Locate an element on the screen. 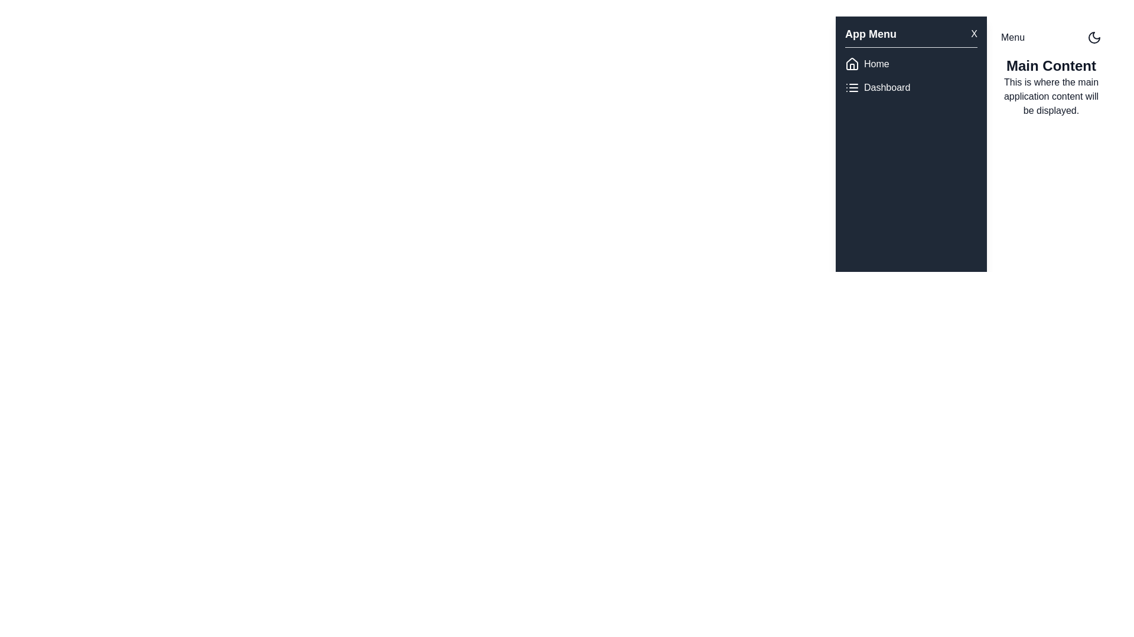  the 'Home' menu item in the navigation panel is located at coordinates (910, 64).